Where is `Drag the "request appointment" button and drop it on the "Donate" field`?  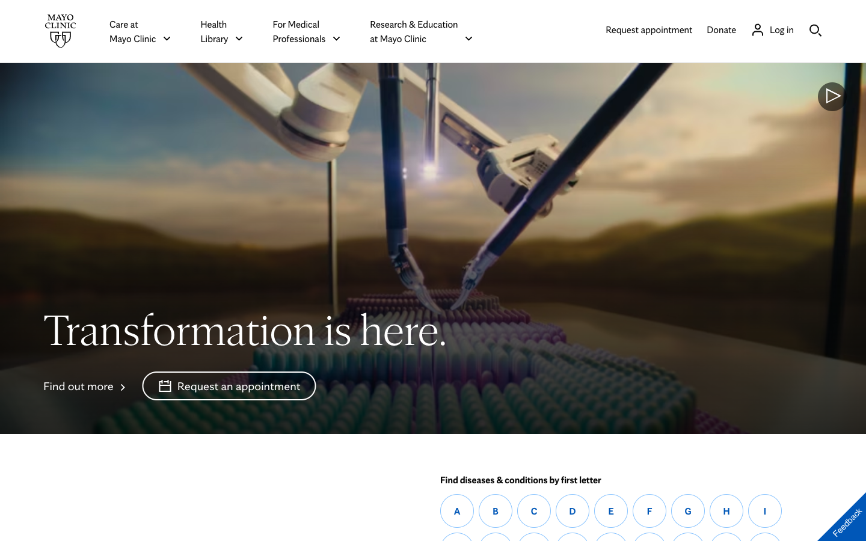 Drag the "request appointment" button and drop it on the "Donate" field is located at coordinates (934414, 26509).